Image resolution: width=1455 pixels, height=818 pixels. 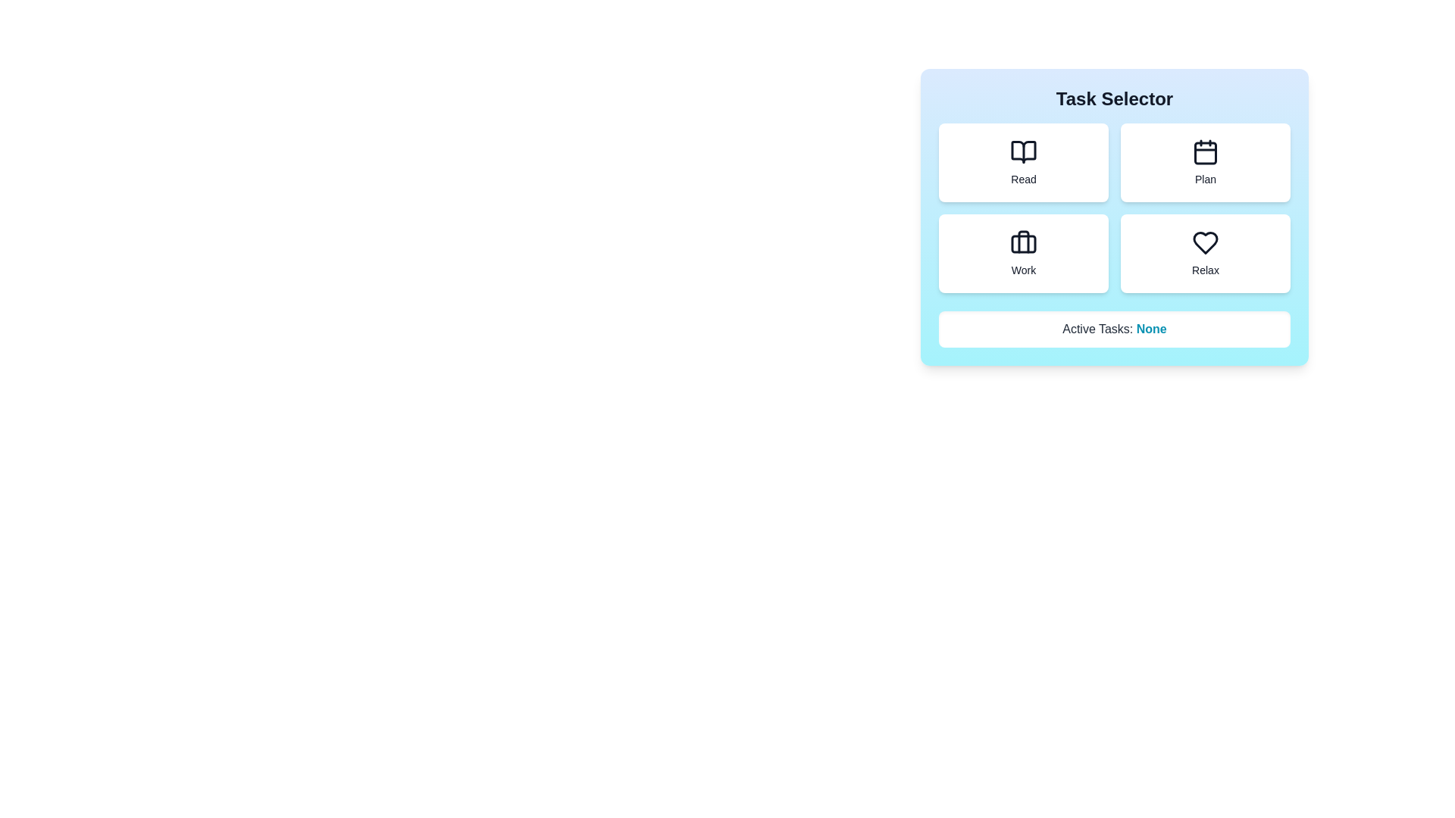 I want to click on the task button labeled Relax to activate it, so click(x=1204, y=253).